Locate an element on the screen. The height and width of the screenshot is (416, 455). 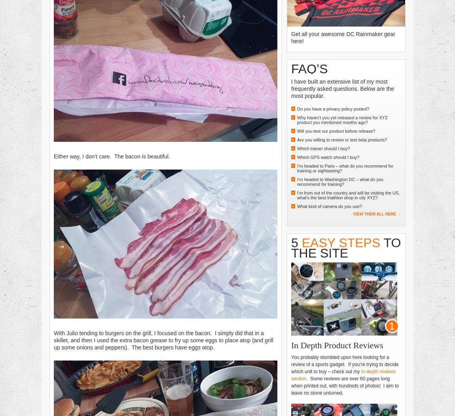
'Which GPS watch should I buy?' is located at coordinates (296, 156).